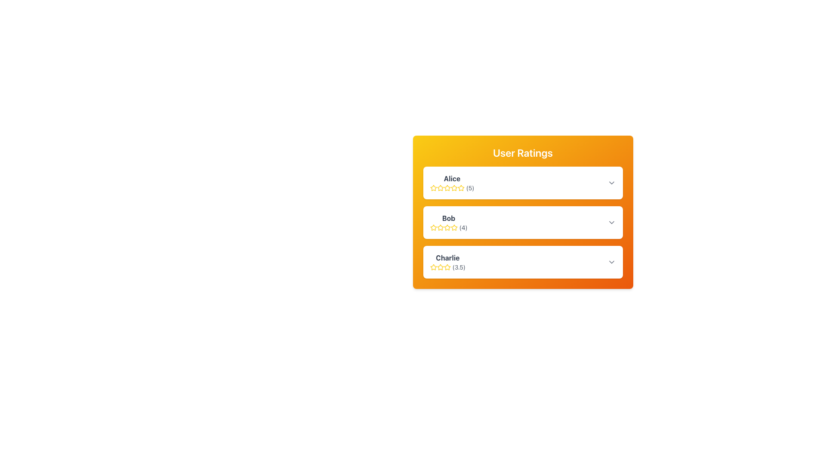 This screenshot has height=465, width=826. Describe the element at coordinates (448, 222) in the screenshot. I see `the Text and star rating display element that shows the user's name, star rating, and numerical rating score, positioned between 'Alice' and 'Charlie'` at that location.